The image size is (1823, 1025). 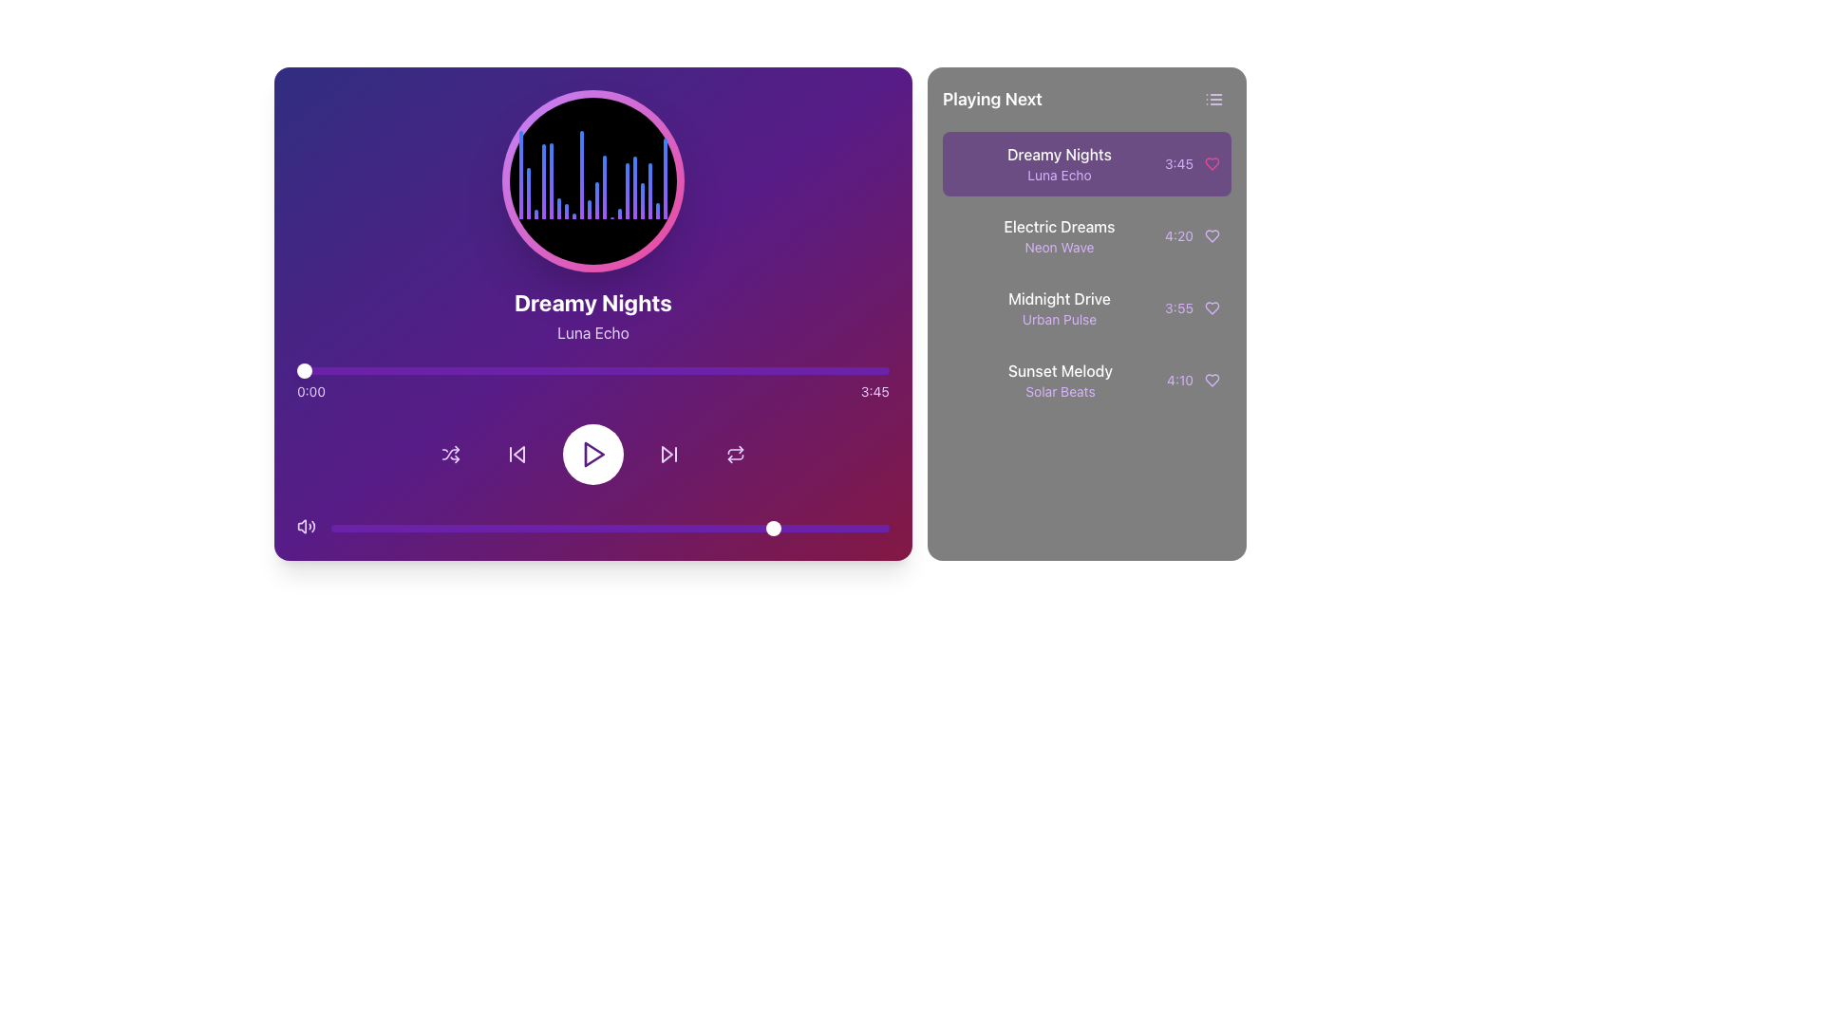 I want to click on slider value, so click(x=761, y=528).